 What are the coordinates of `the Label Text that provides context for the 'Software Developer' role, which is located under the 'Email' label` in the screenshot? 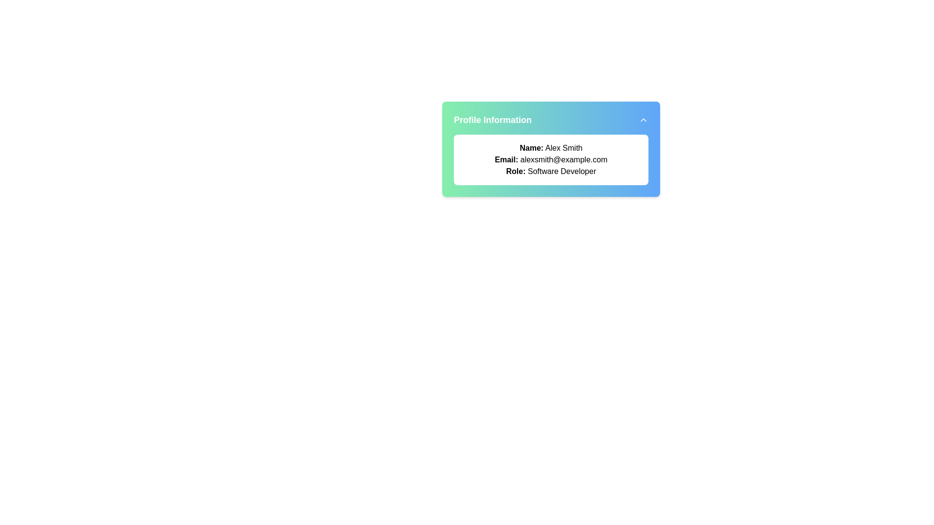 It's located at (515, 171).